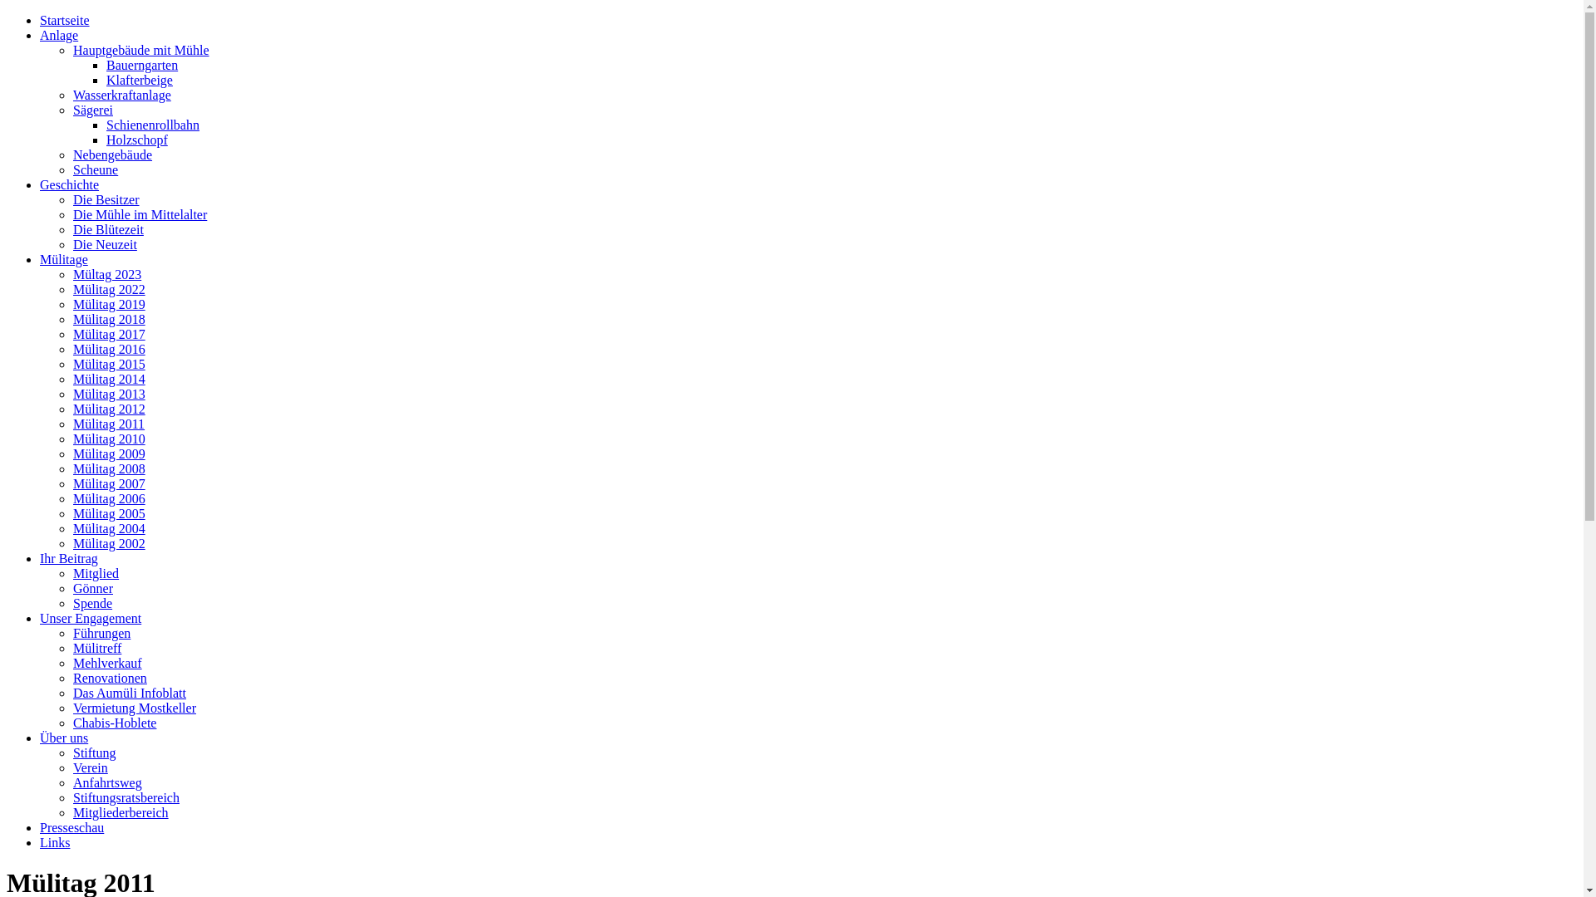 This screenshot has width=1596, height=897. What do you see at coordinates (126, 797) in the screenshot?
I see `'Stiftungsratsbereich'` at bounding box center [126, 797].